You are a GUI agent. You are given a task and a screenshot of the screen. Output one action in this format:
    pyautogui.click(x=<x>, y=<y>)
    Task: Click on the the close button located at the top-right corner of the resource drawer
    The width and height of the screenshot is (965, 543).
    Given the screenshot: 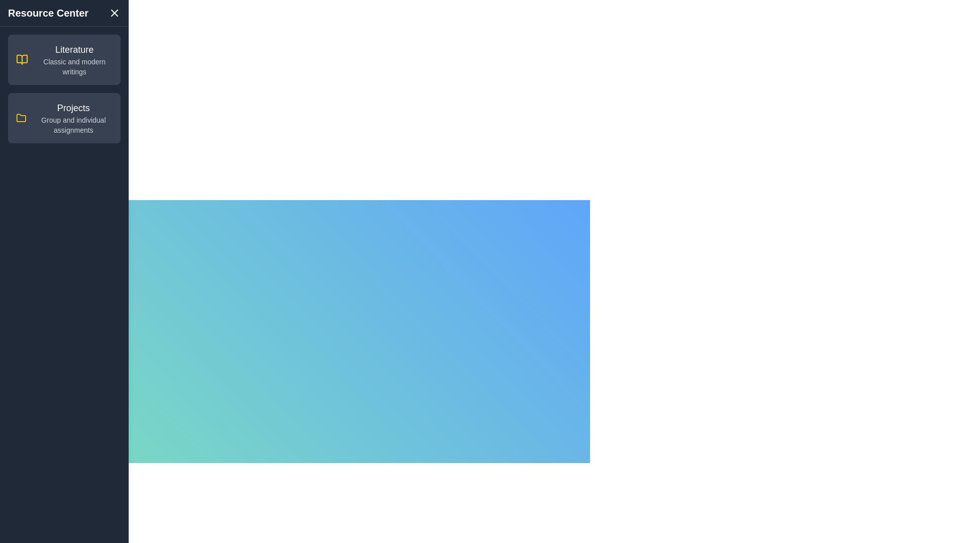 What is the action you would take?
    pyautogui.click(x=114, y=13)
    